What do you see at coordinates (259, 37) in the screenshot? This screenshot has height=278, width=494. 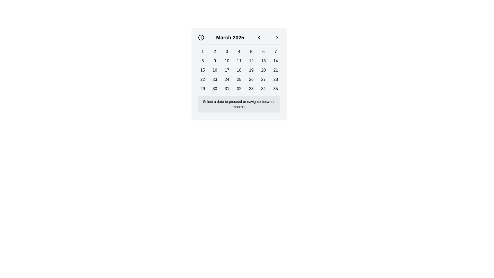 I see `the left arrow icon in the top-left corner of the calendar interface` at bounding box center [259, 37].